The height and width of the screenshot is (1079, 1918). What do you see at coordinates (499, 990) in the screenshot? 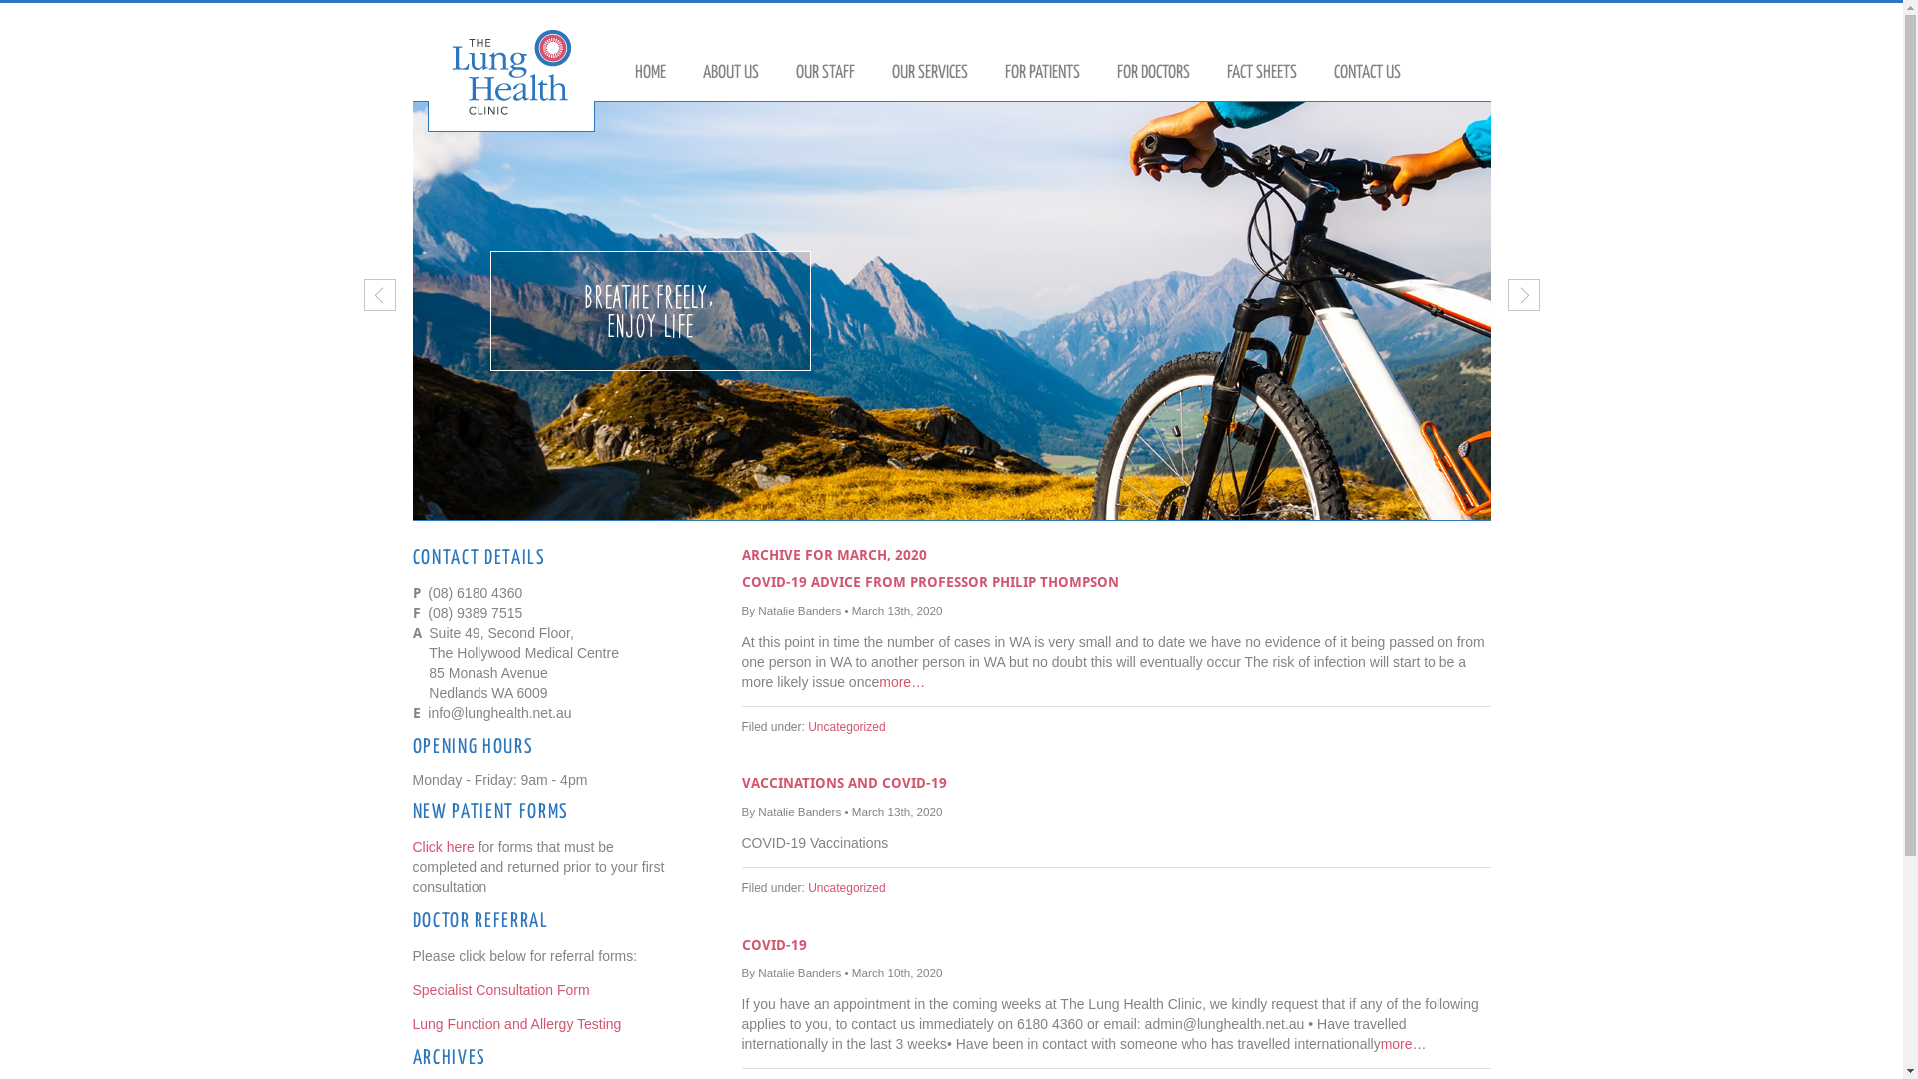
I see `'Specialist Consultation Form'` at bounding box center [499, 990].